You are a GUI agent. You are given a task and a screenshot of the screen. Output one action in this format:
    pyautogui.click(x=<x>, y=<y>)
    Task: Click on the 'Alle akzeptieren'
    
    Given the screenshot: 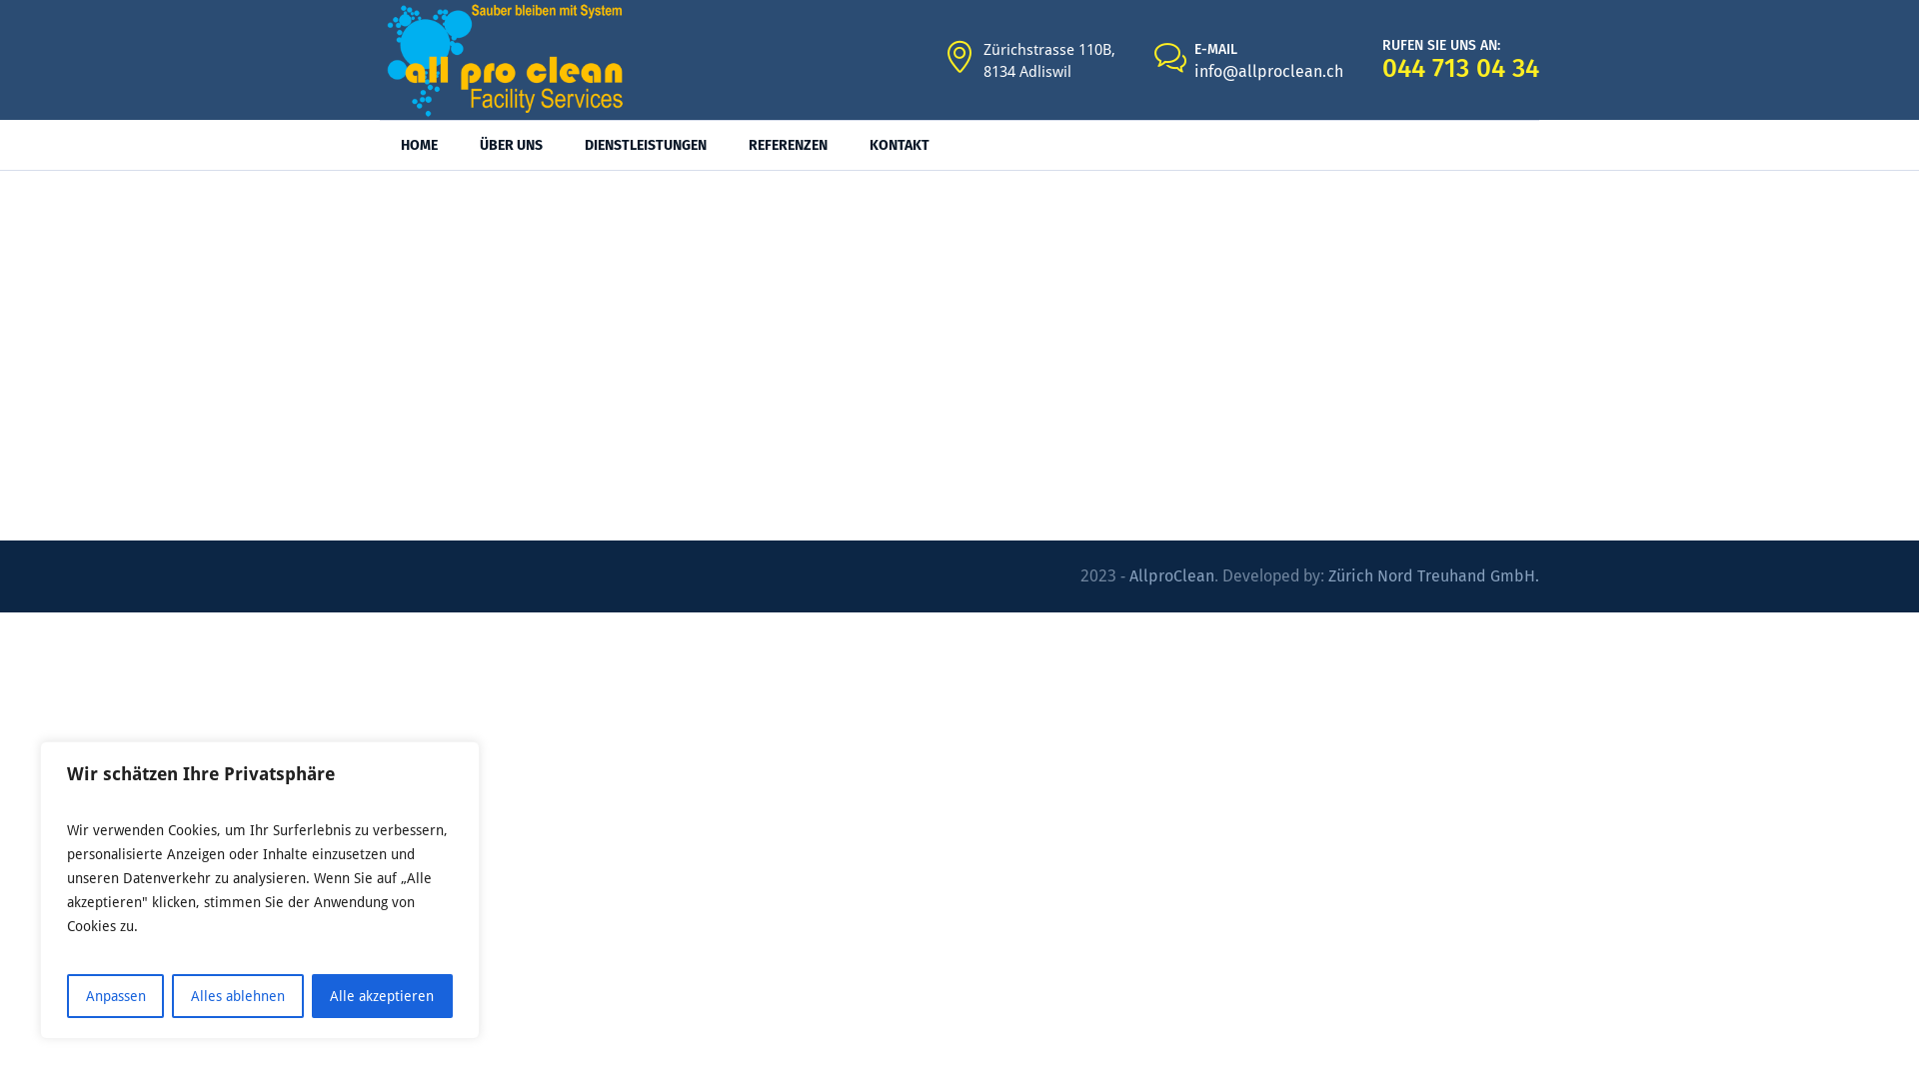 What is the action you would take?
    pyautogui.click(x=382, y=995)
    